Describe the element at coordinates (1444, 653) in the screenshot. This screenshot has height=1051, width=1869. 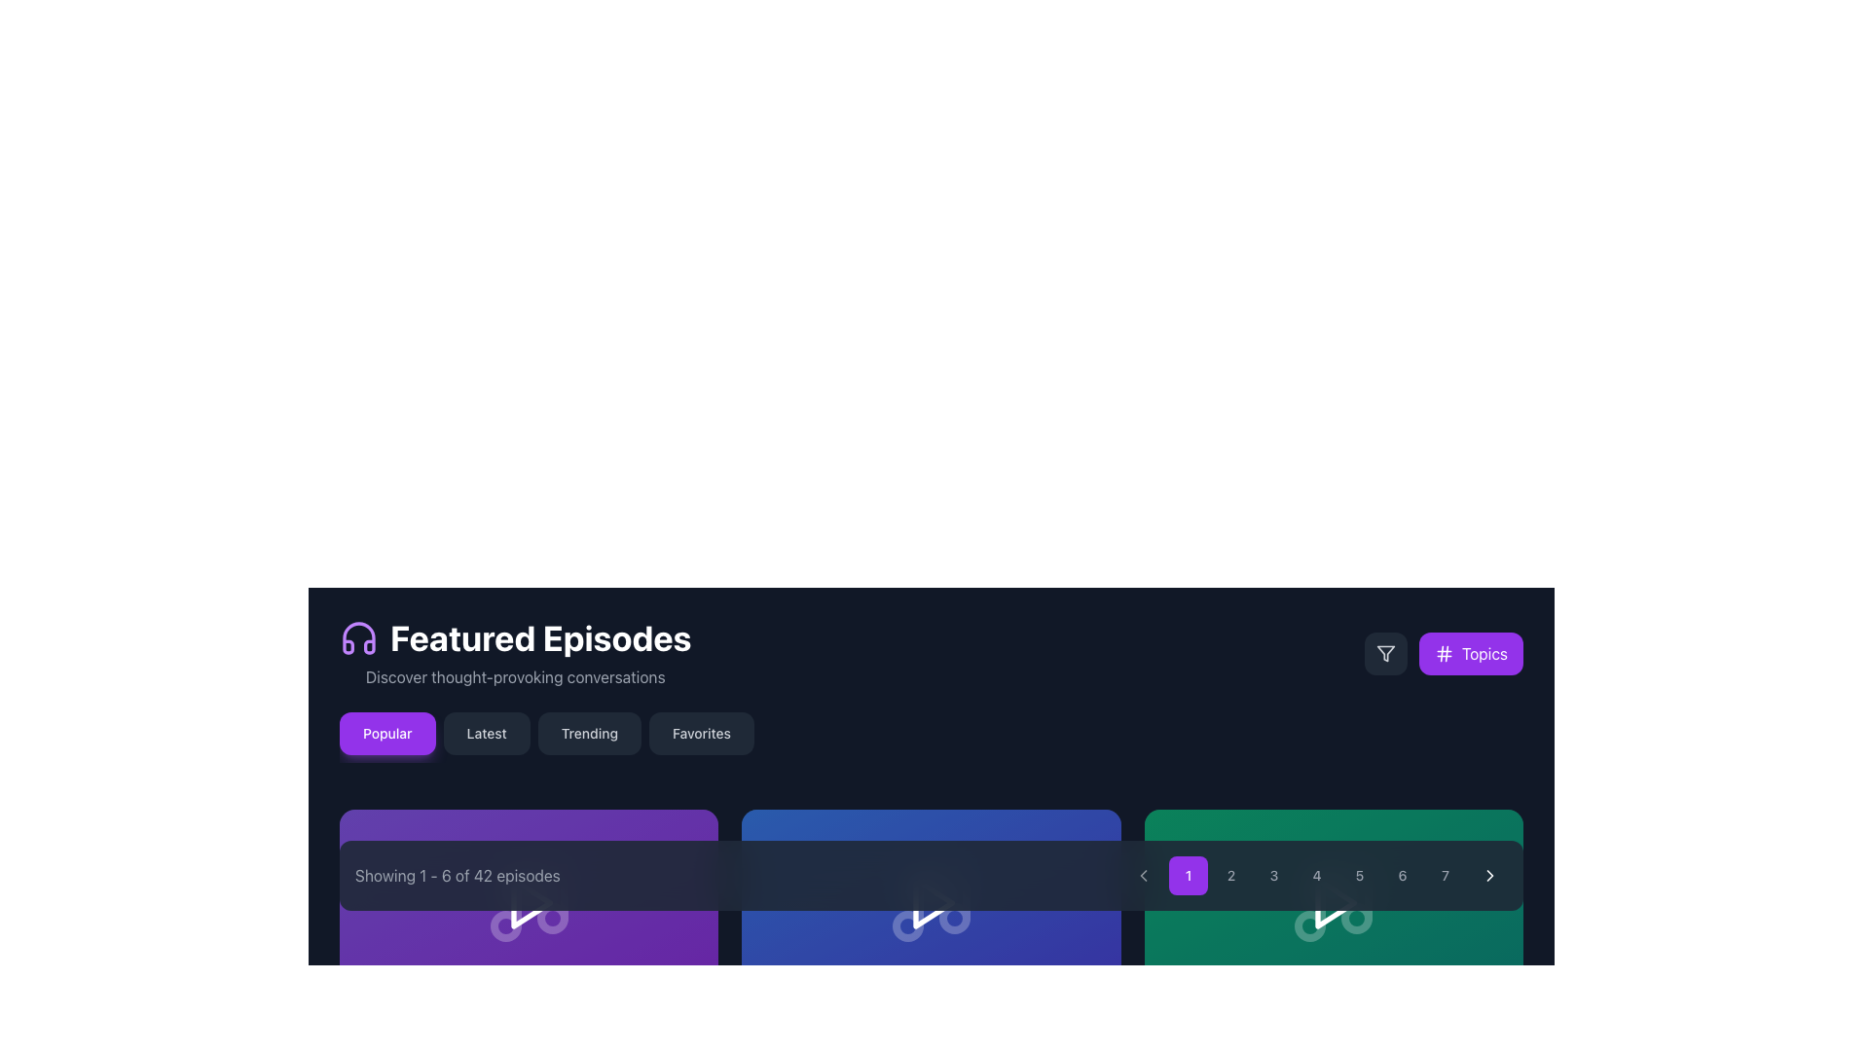
I see `the 'Topics' button with a bold purple background and white text to change its style` at that location.